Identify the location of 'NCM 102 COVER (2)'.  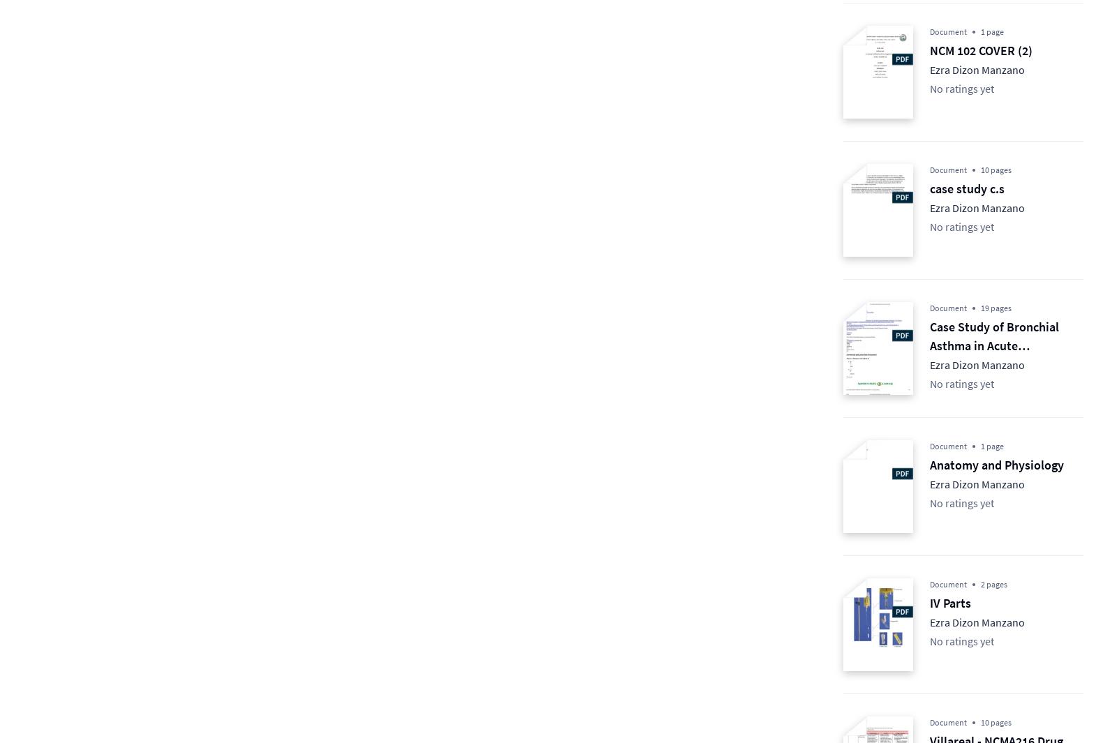
(929, 50).